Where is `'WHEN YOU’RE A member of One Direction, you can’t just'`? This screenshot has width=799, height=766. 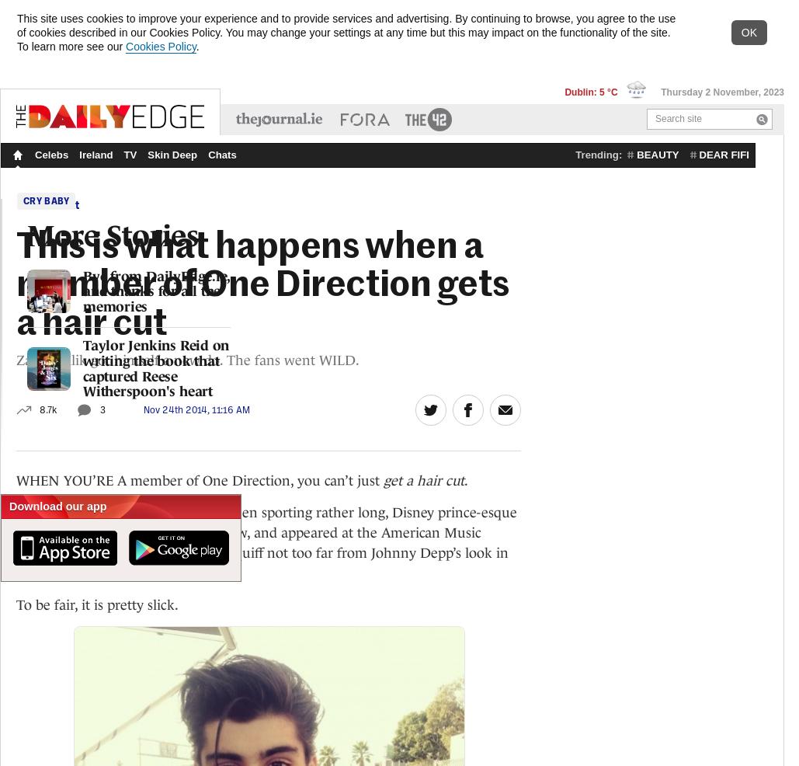
'WHEN YOU’RE A member of One Direction, you can’t just' is located at coordinates (199, 479).